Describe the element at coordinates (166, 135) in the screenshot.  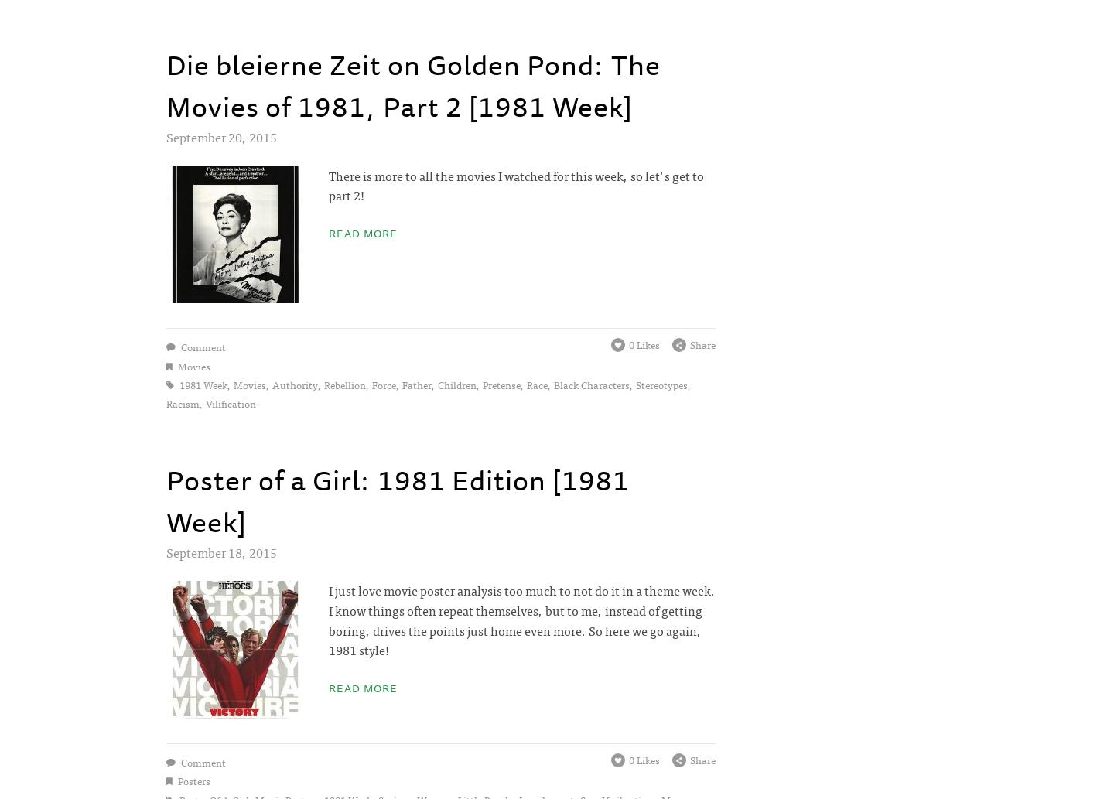
I see `'September 20, 2015'` at that location.